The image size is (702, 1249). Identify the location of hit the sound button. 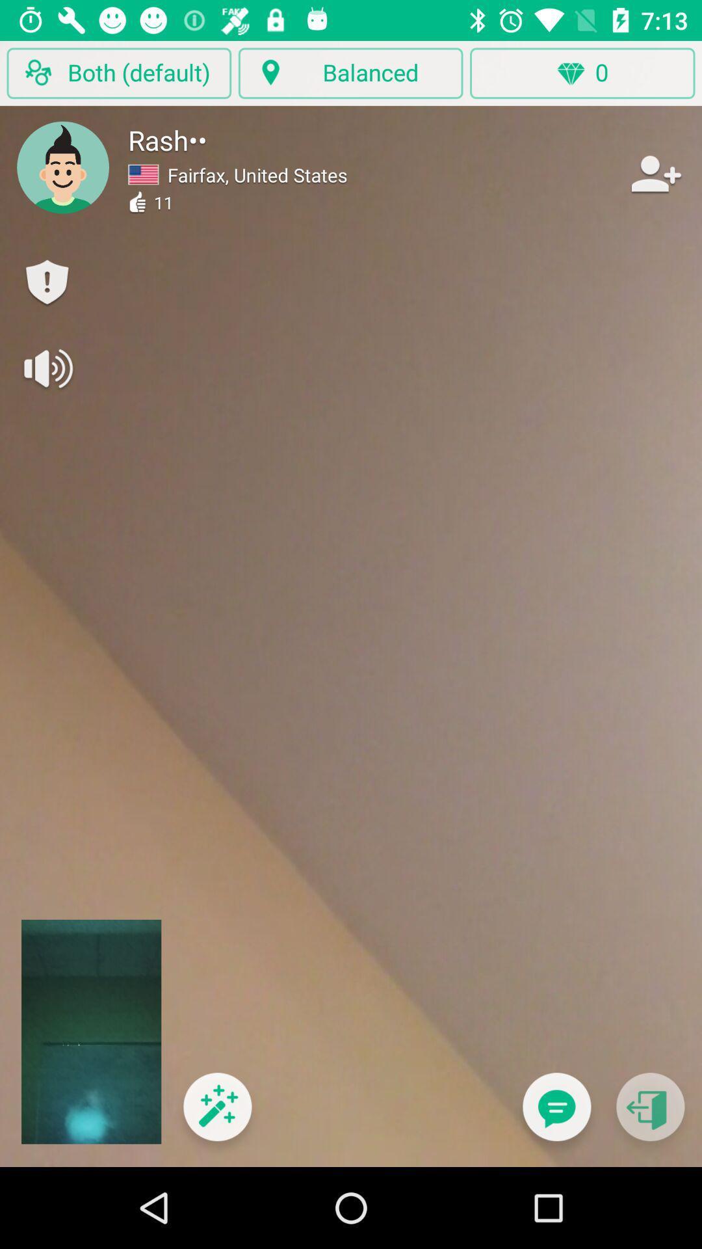
(46, 368).